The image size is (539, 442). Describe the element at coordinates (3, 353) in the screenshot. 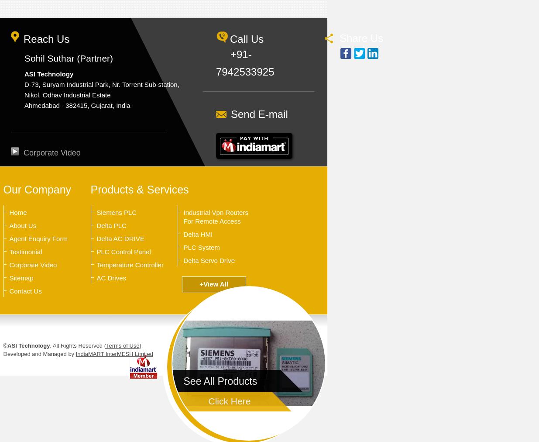

I see `'Developed and Managed by'` at that location.